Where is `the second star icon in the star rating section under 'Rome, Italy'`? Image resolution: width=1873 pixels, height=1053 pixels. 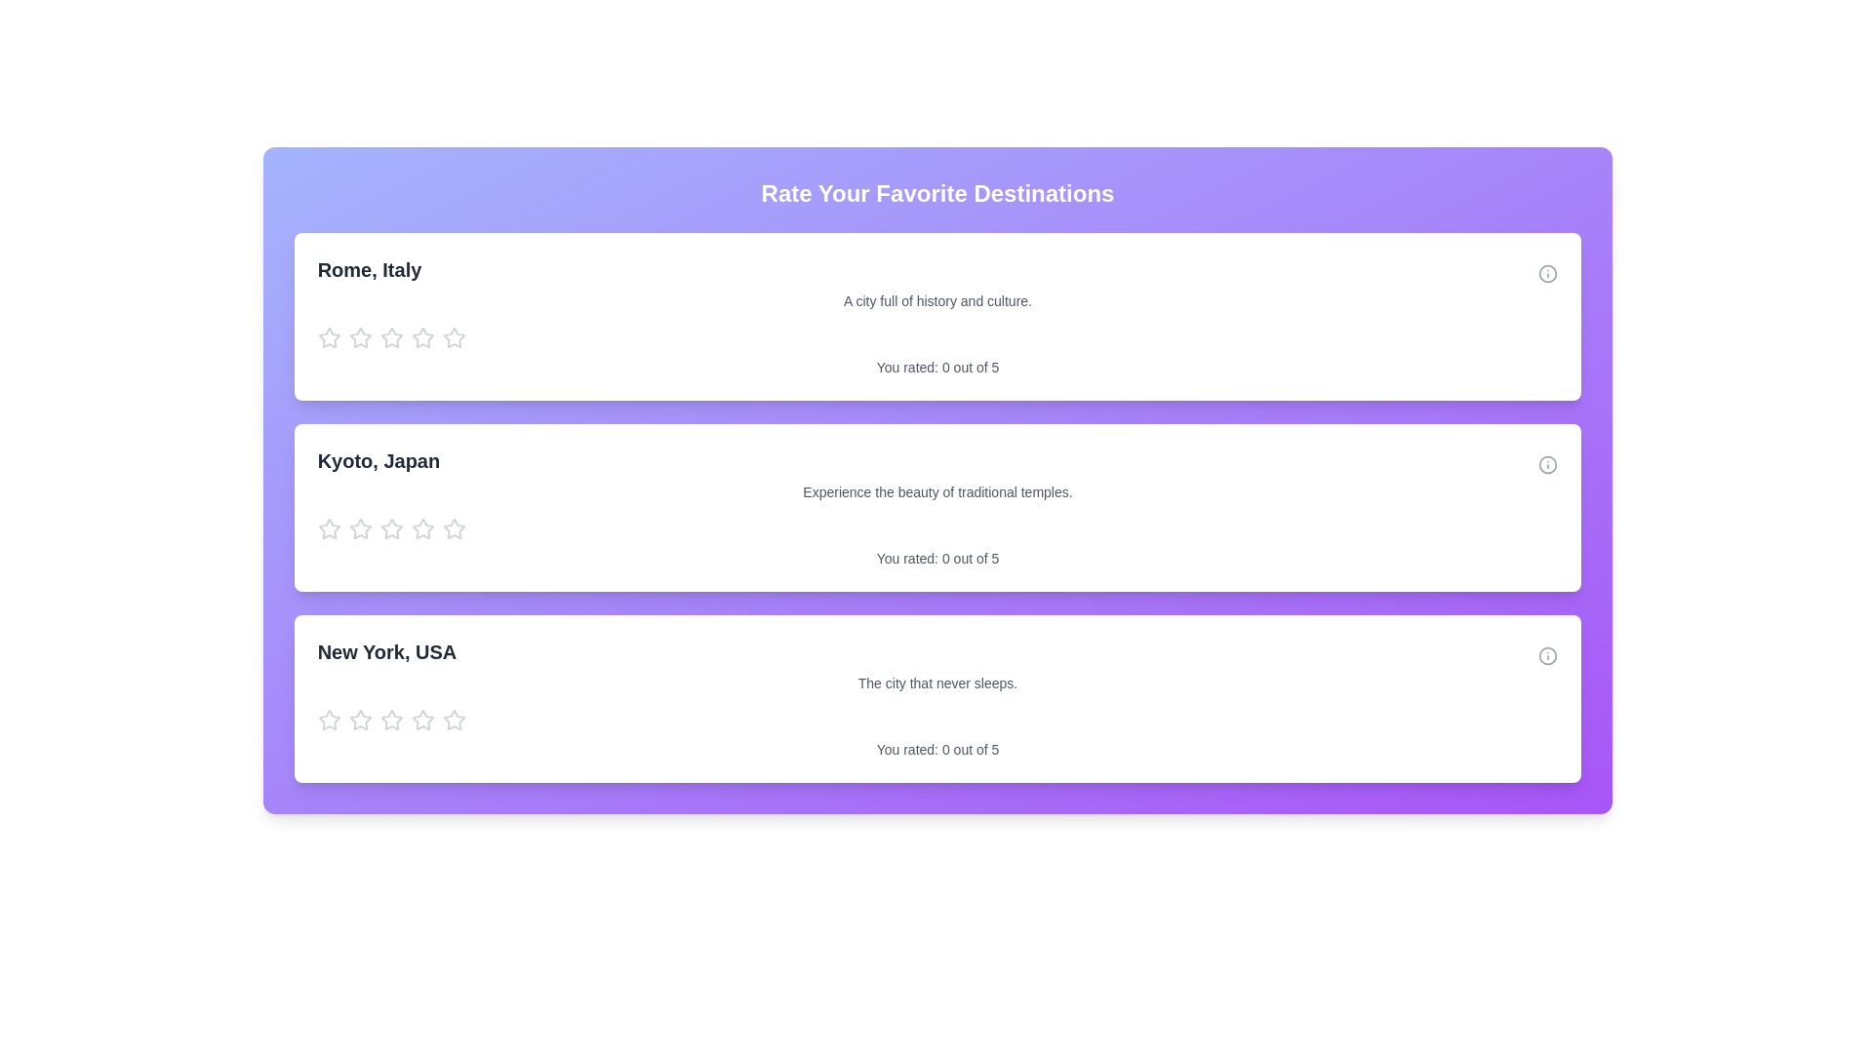 the second star icon in the star rating section under 'Rome, Italy' is located at coordinates (421, 336).